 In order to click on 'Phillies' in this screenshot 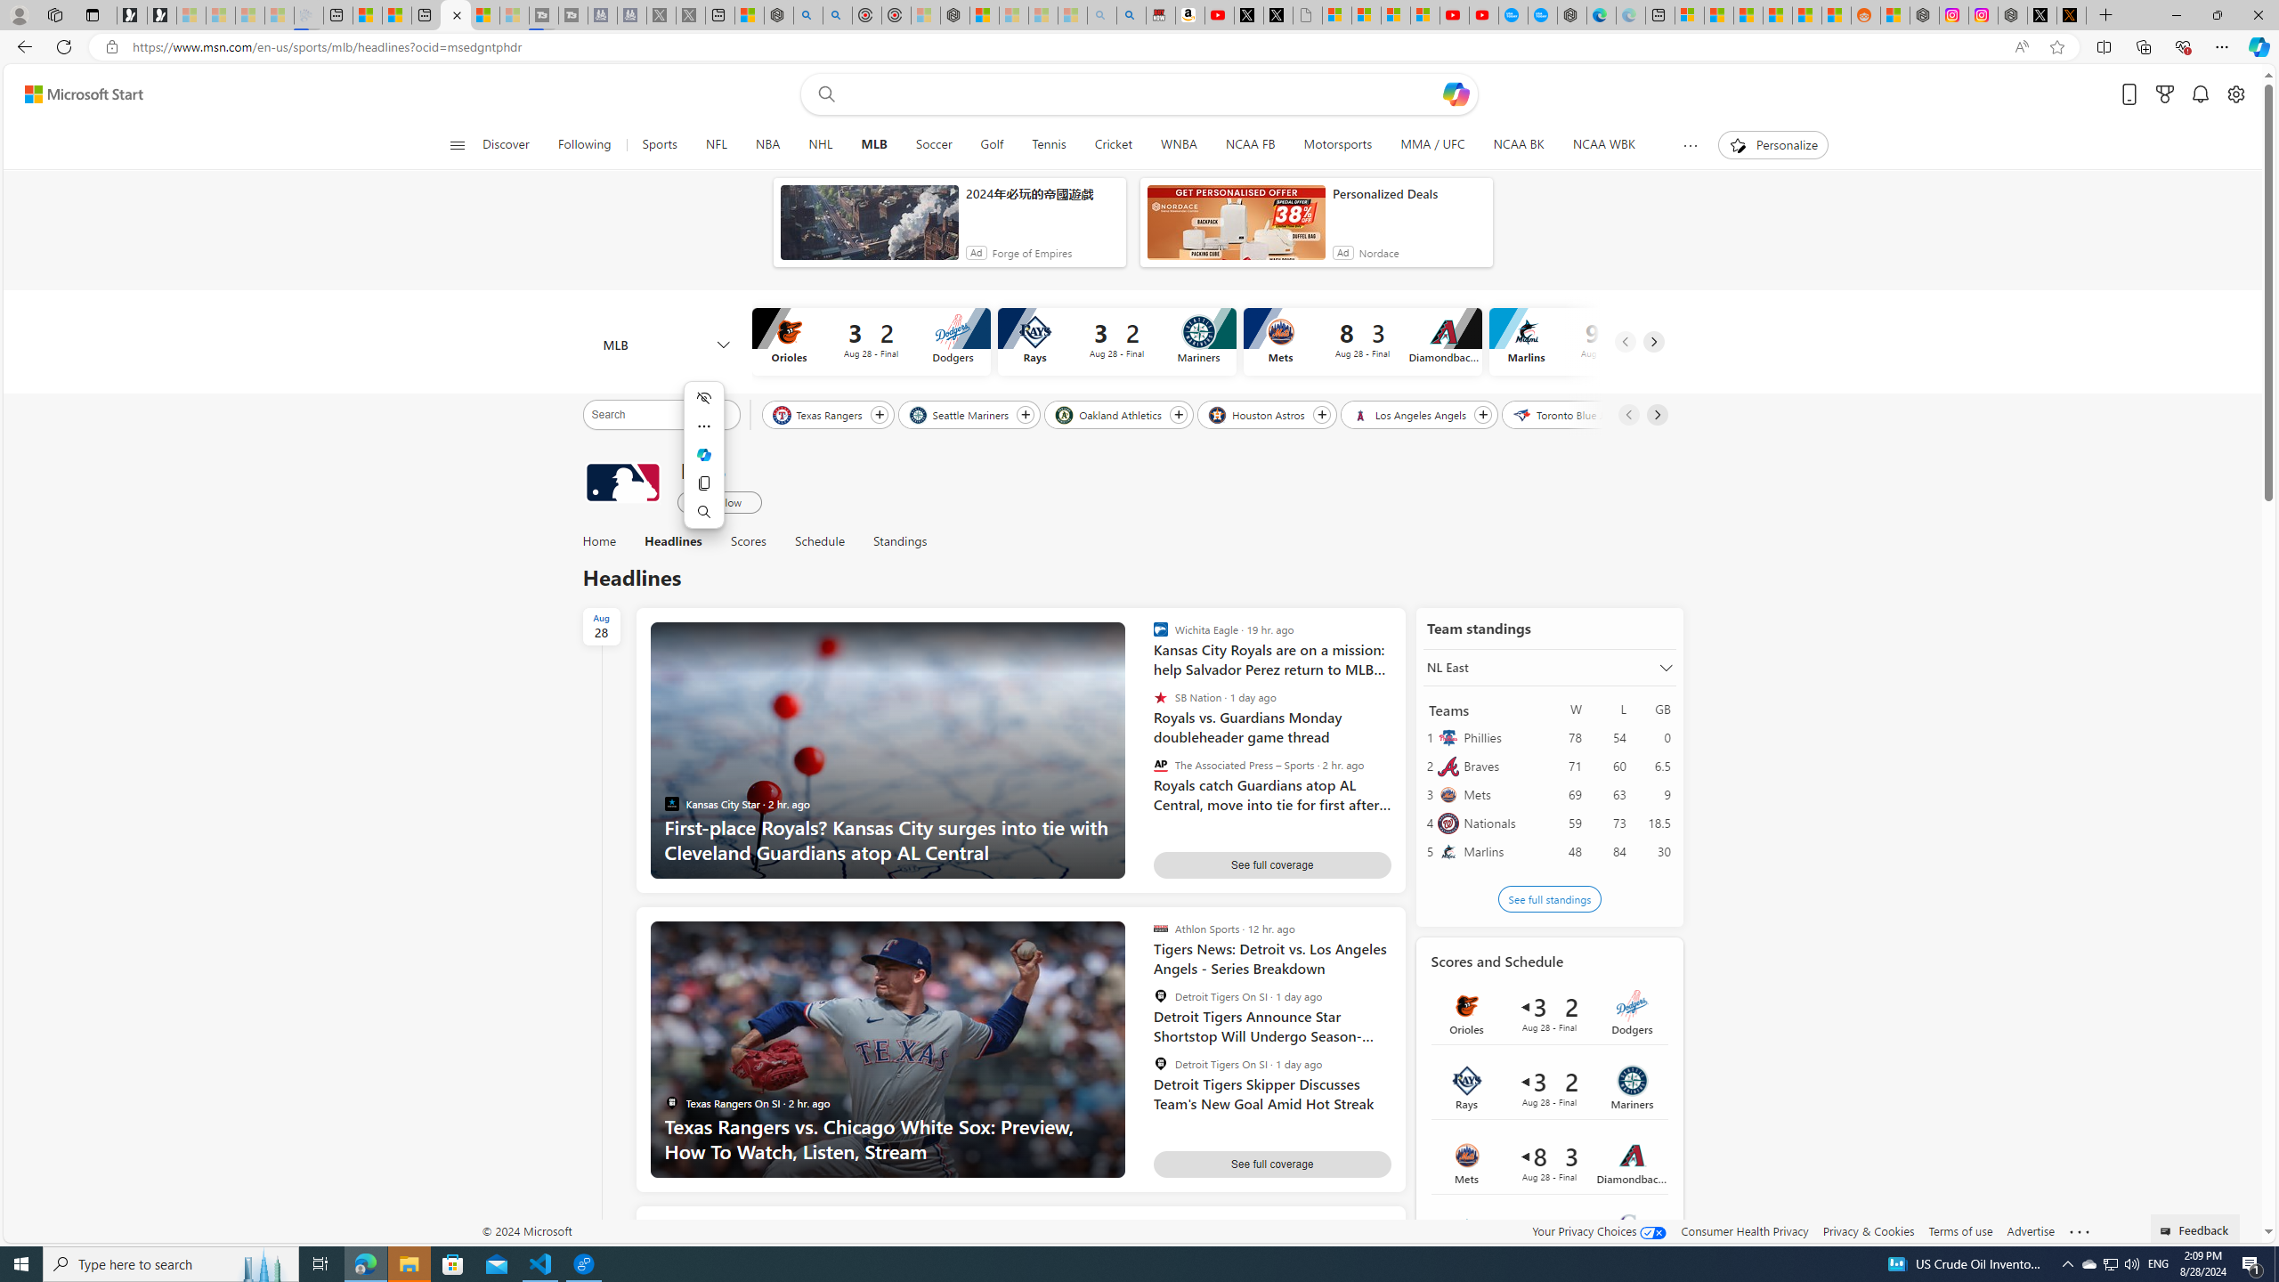, I will do `click(1499, 736)`.